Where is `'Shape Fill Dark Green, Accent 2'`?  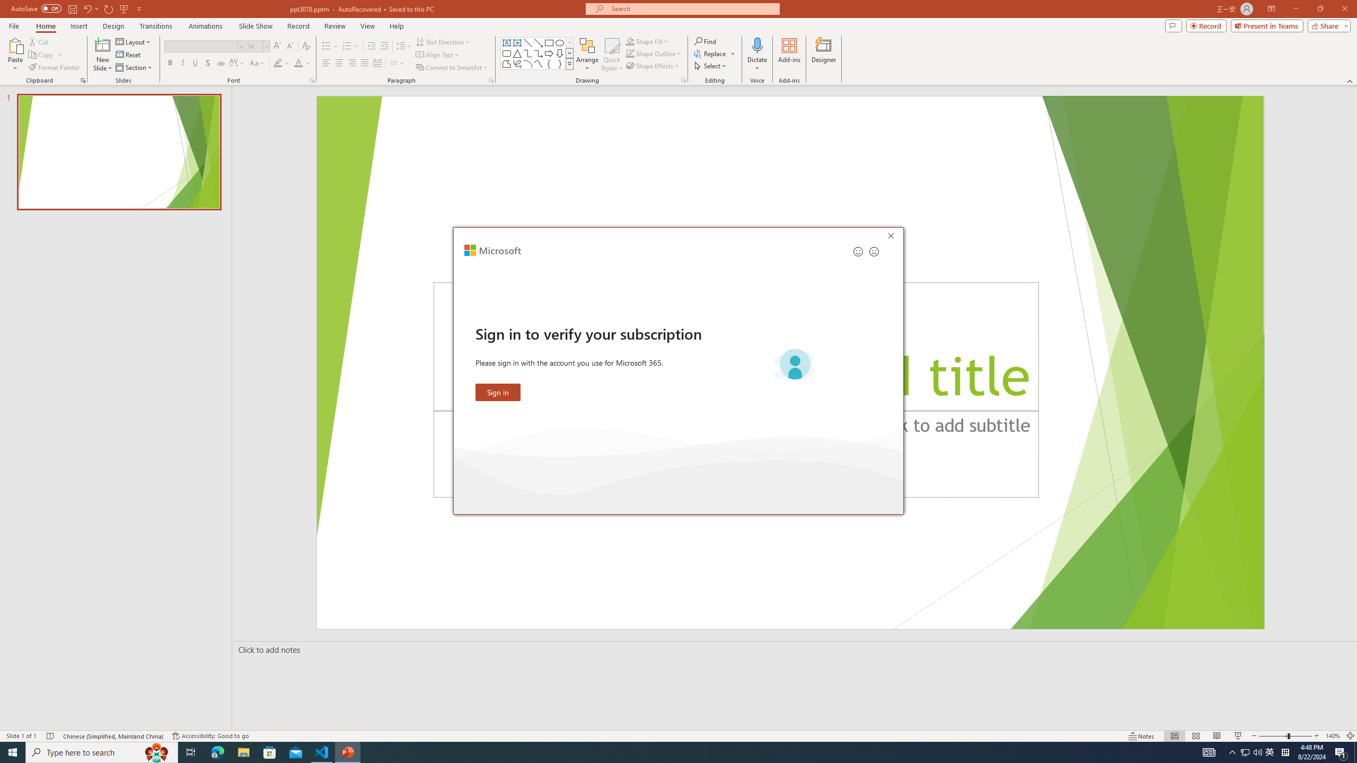
'Shape Fill Dark Green, Accent 2' is located at coordinates (630, 41).